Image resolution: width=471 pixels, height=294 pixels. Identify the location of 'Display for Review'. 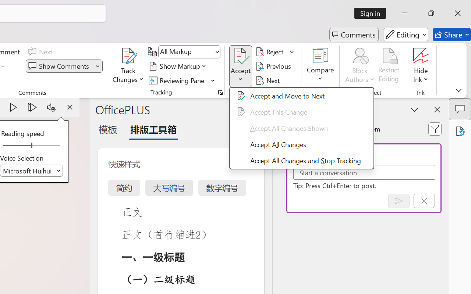
(189, 52).